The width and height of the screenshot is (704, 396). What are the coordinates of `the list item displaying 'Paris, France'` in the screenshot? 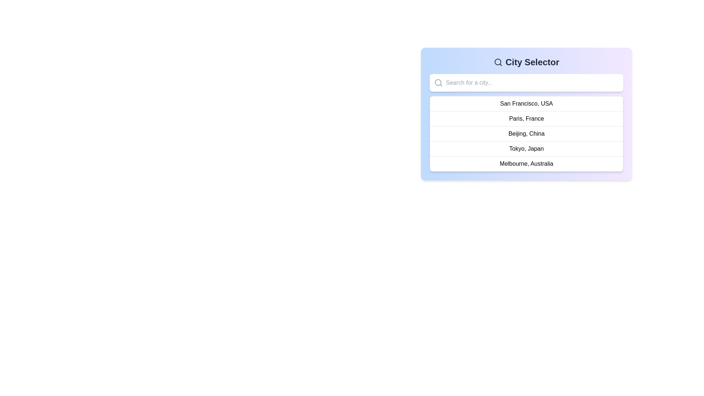 It's located at (526, 114).